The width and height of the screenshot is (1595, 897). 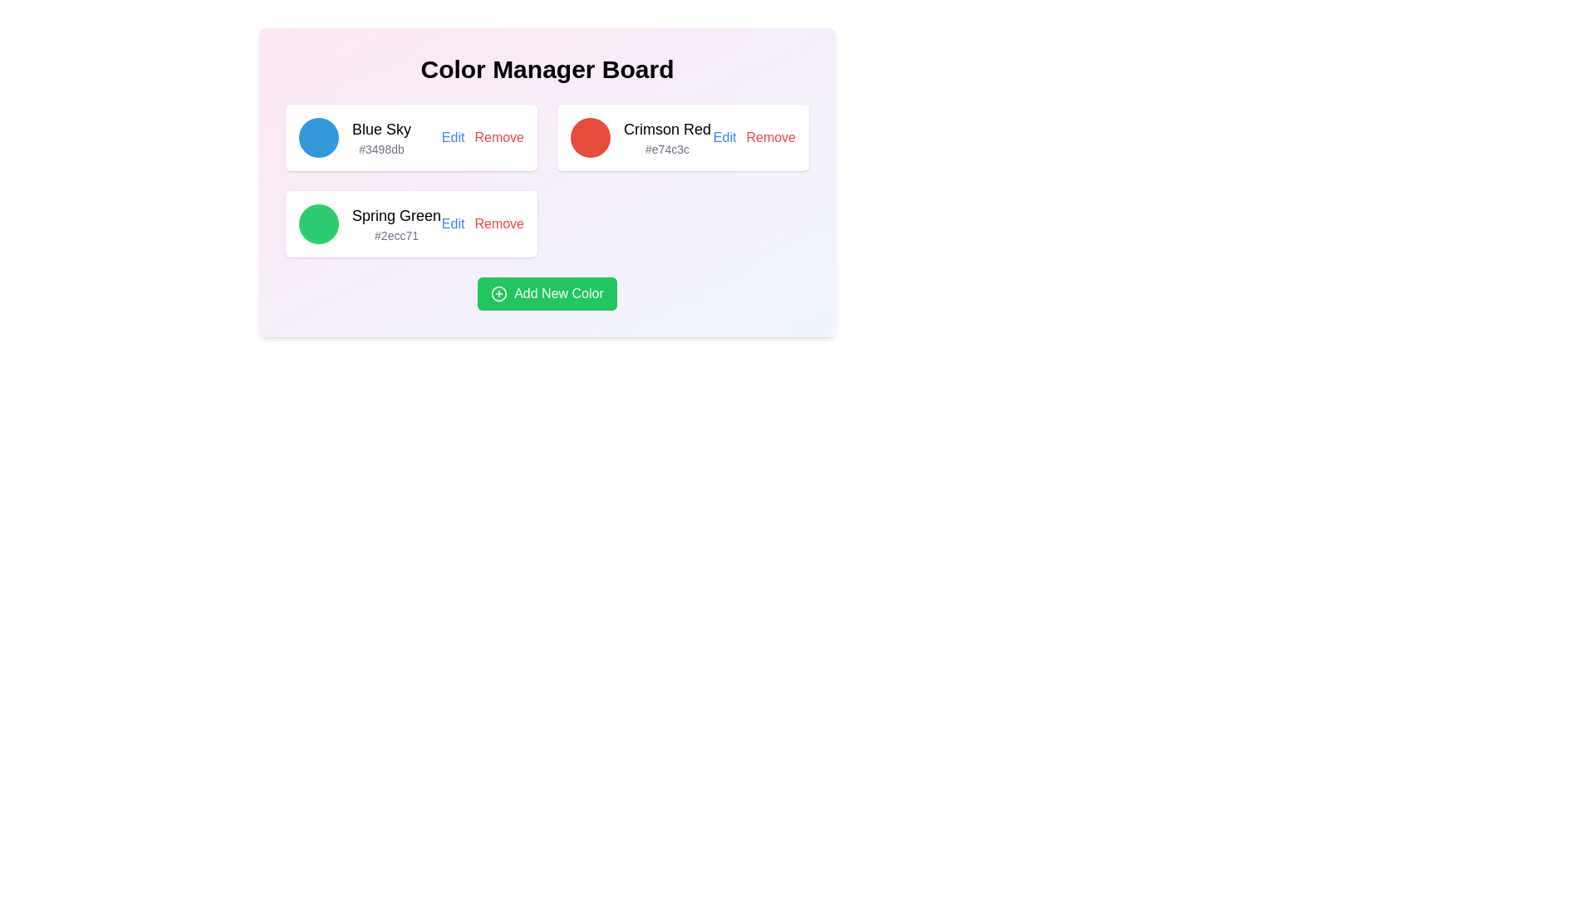 I want to click on the informational text display that shows 'Spring Green' in large font and '#2ecc71' in smaller gray font, located in the bottom left panel of the grid layout, so click(x=395, y=224).